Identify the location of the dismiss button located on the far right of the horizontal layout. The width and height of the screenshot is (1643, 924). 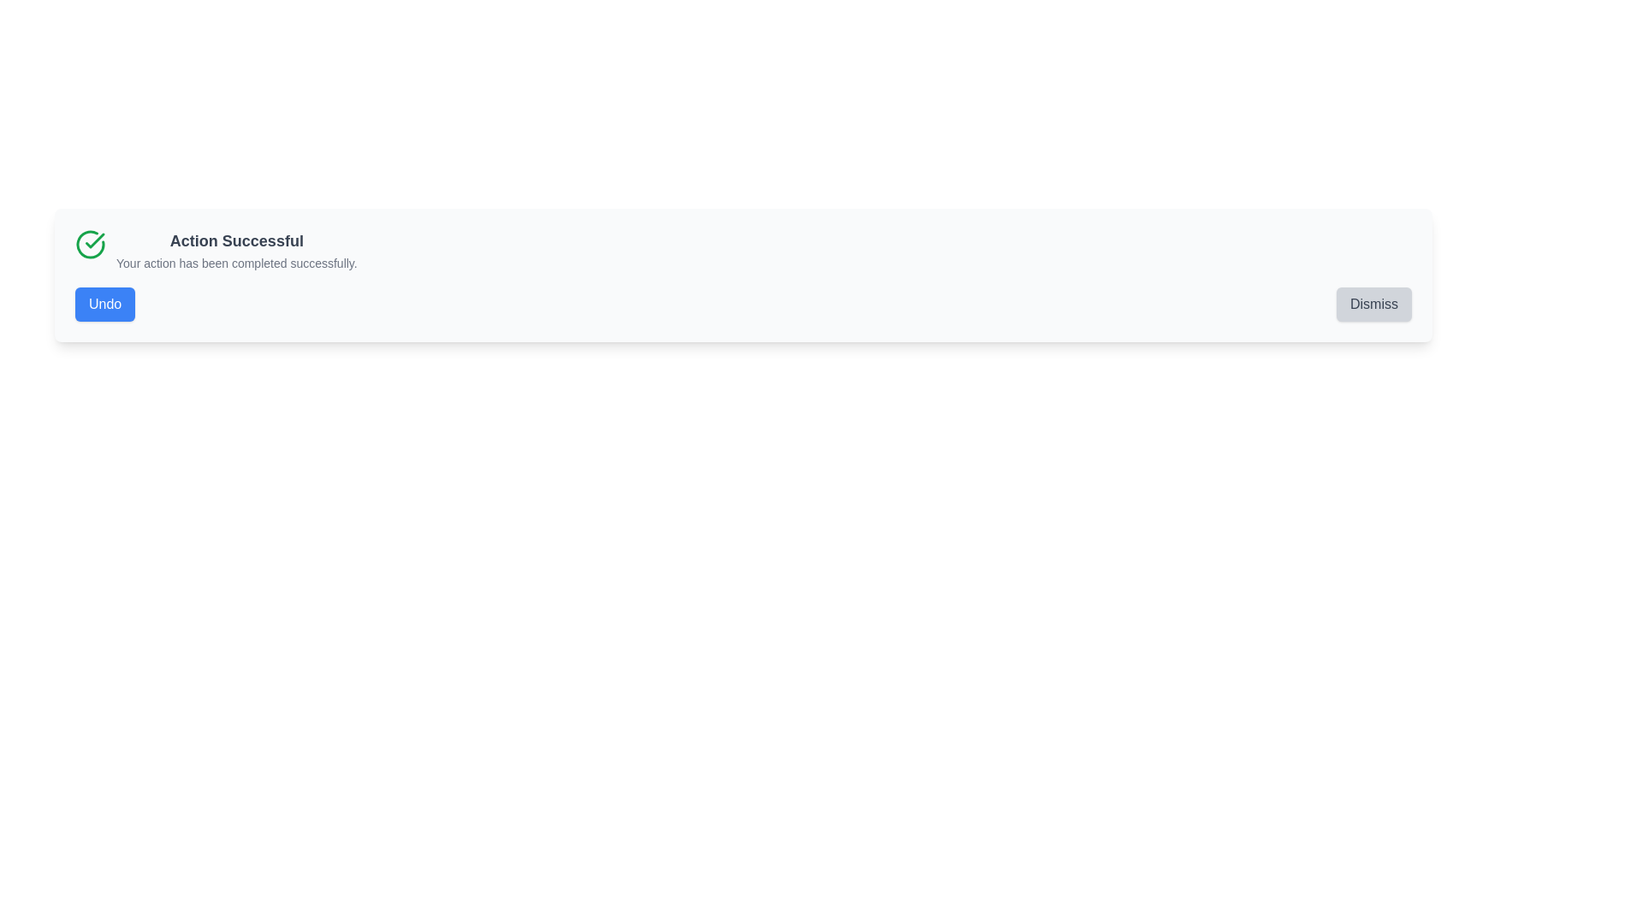
(1374, 303).